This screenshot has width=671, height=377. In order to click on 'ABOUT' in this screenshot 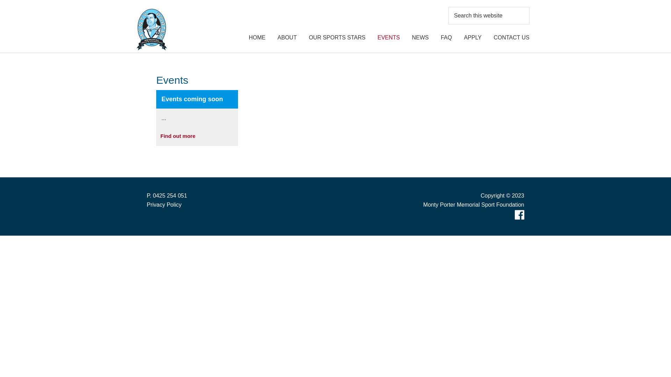, I will do `click(287, 38)`.